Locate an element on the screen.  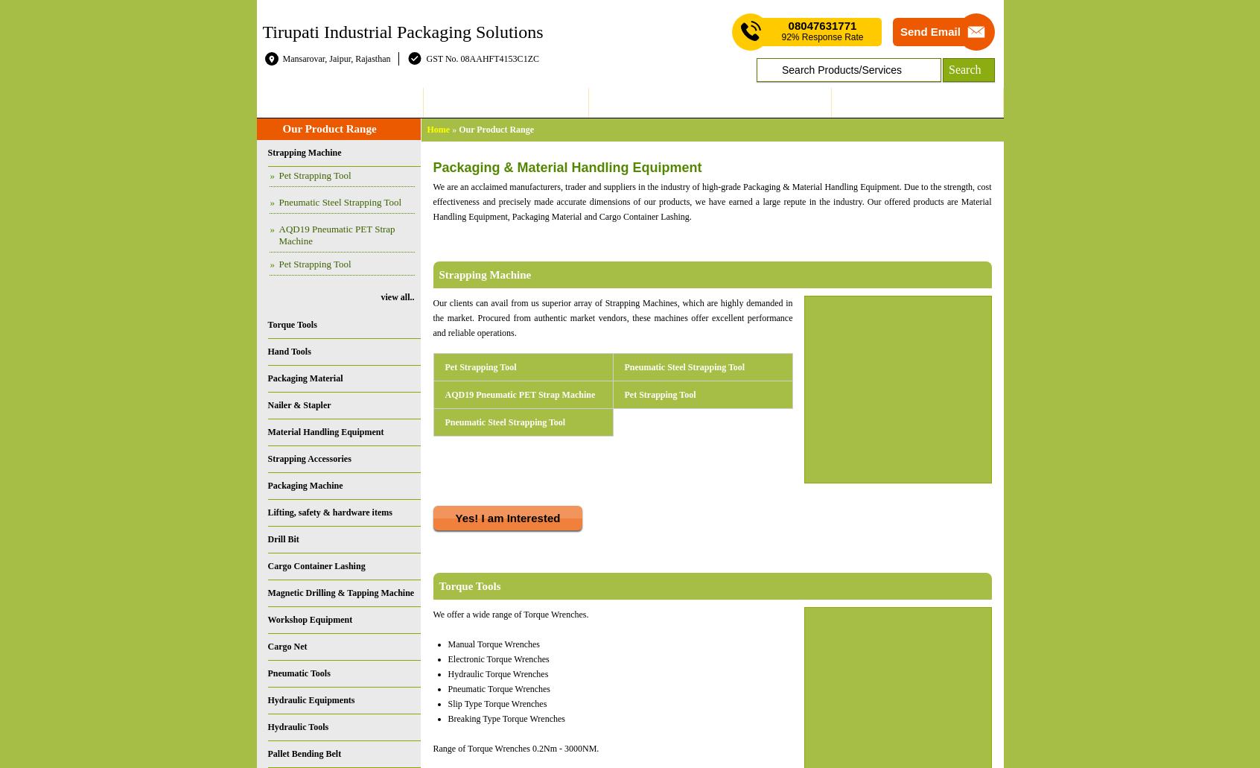
'Our clients can avail from us superior array of Strapping Machines, which are highly demanded in the market. Procured from authentic market vendors, these machines offer excellent performance and reliable operations.' is located at coordinates (612, 318).